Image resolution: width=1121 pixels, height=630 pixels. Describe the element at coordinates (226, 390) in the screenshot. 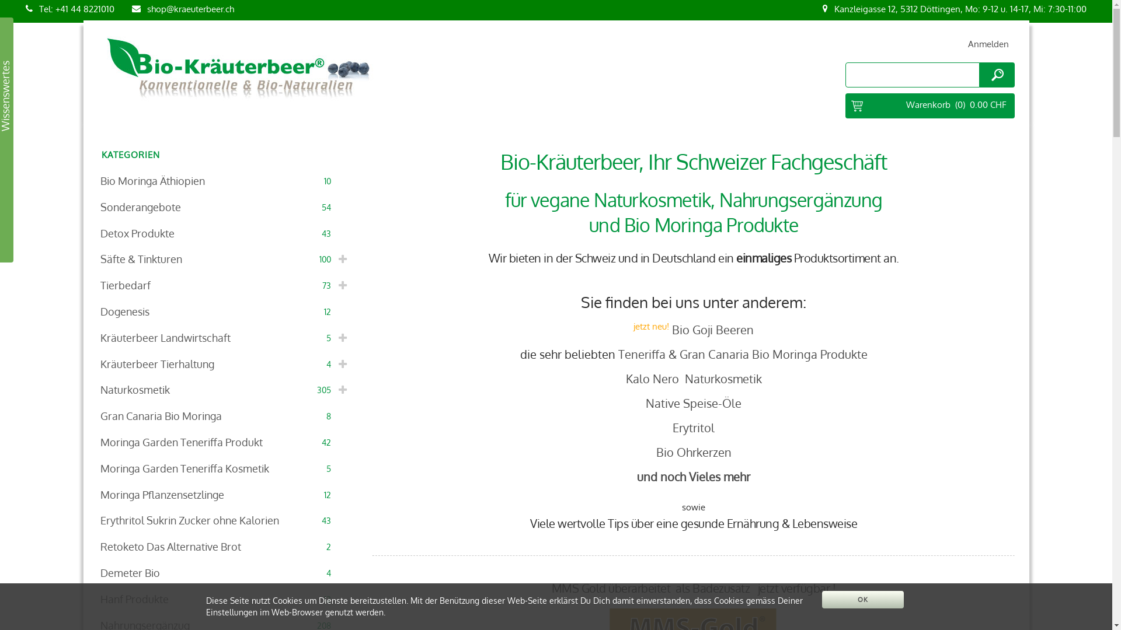

I see `'Naturkosmetik` at that location.